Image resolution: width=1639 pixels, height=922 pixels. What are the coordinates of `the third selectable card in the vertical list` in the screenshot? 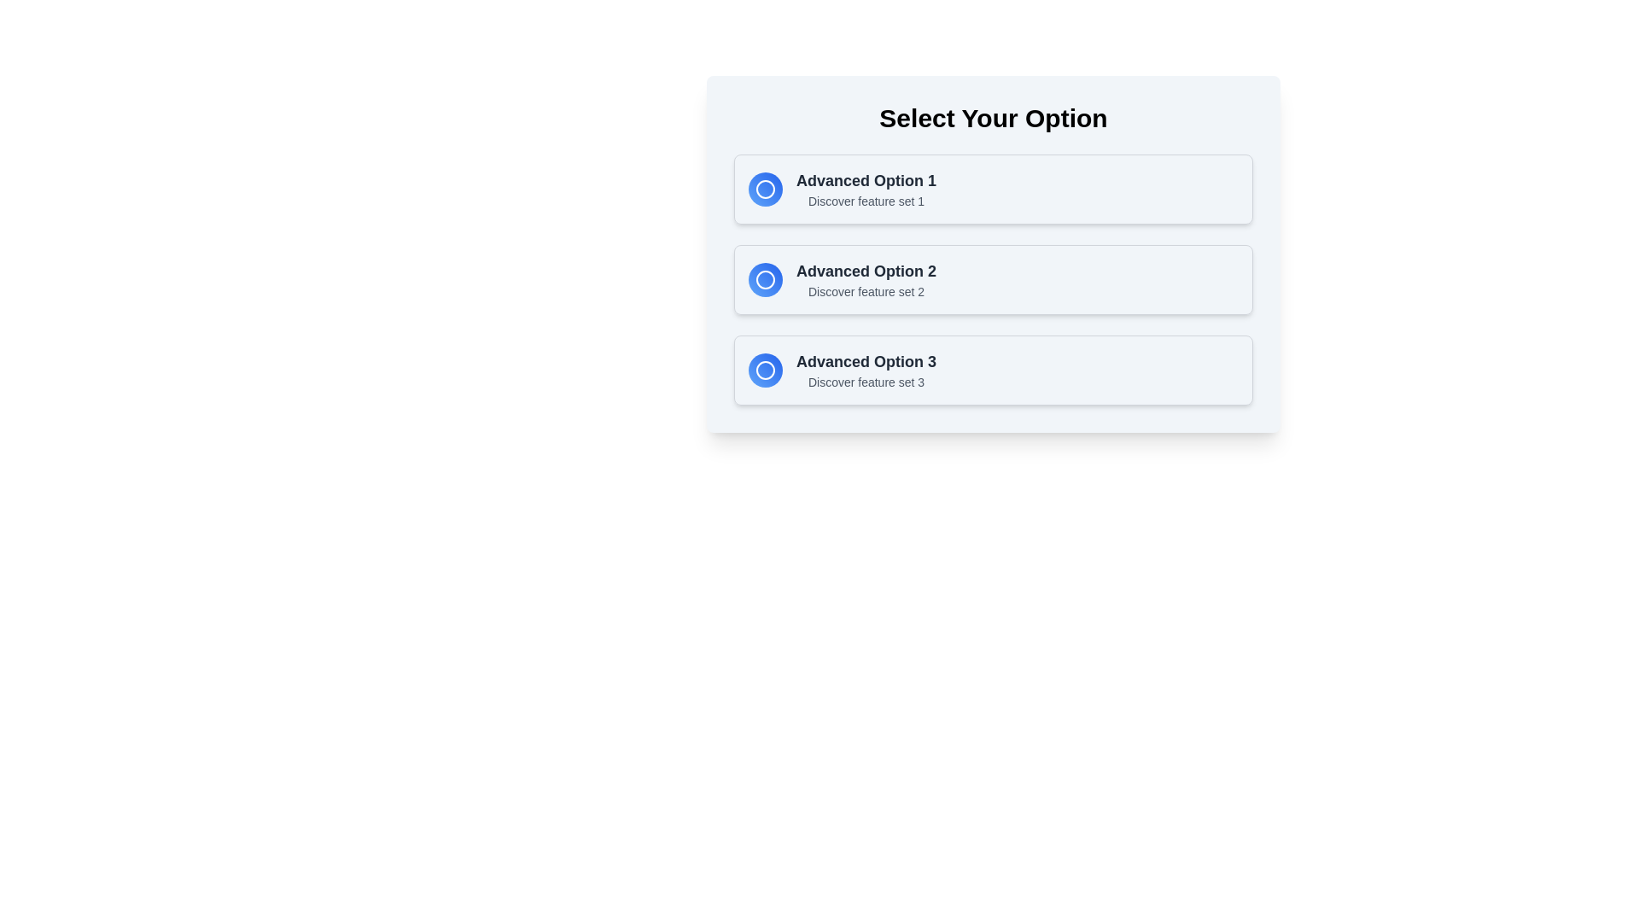 It's located at (993, 370).